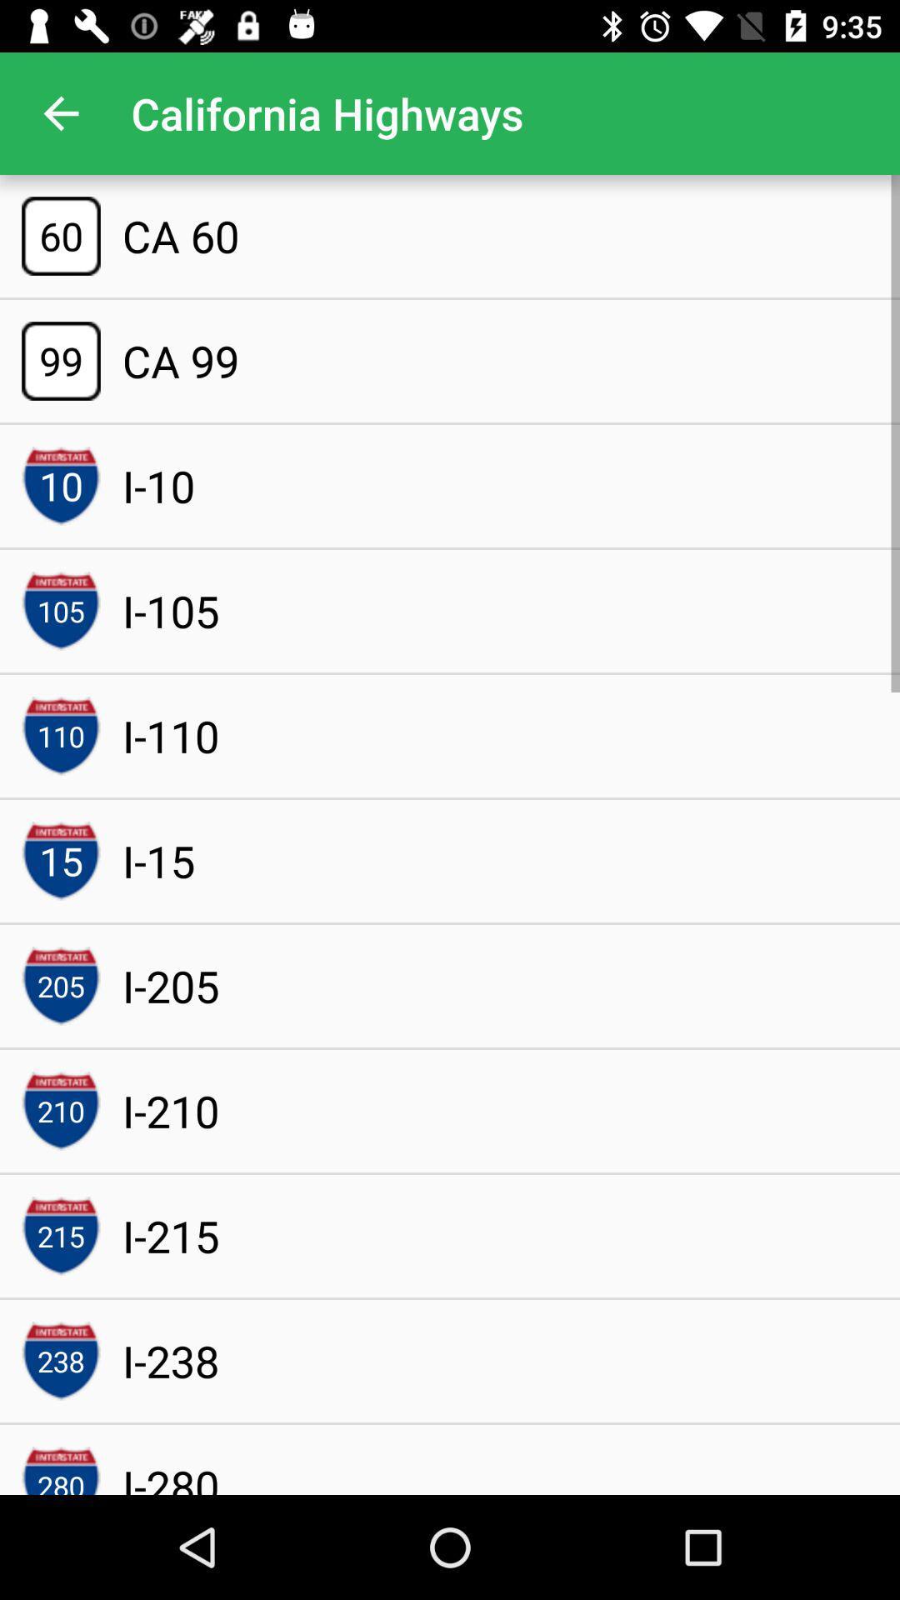 Image resolution: width=900 pixels, height=1600 pixels. What do you see at coordinates (171, 1236) in the screenshot?
I see `the icon above i-238 item` at bounding box center [171, 1236].